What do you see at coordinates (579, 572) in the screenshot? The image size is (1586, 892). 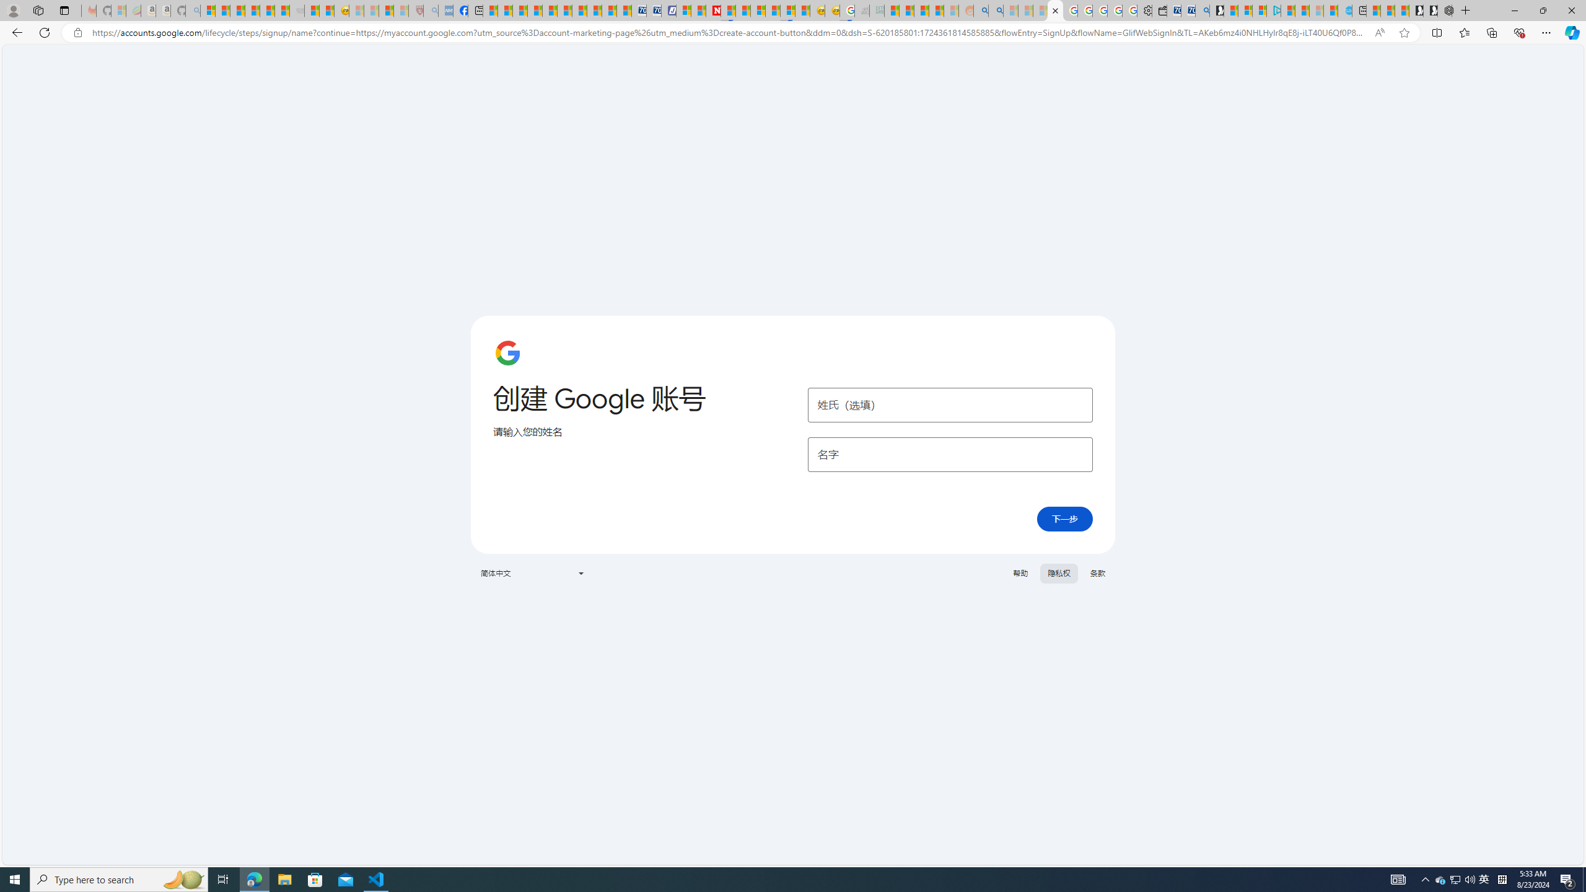 I see `'Class: VfPpkd-t08AT-Bz112c-Bd00G'` at bounding box center [579, 572].